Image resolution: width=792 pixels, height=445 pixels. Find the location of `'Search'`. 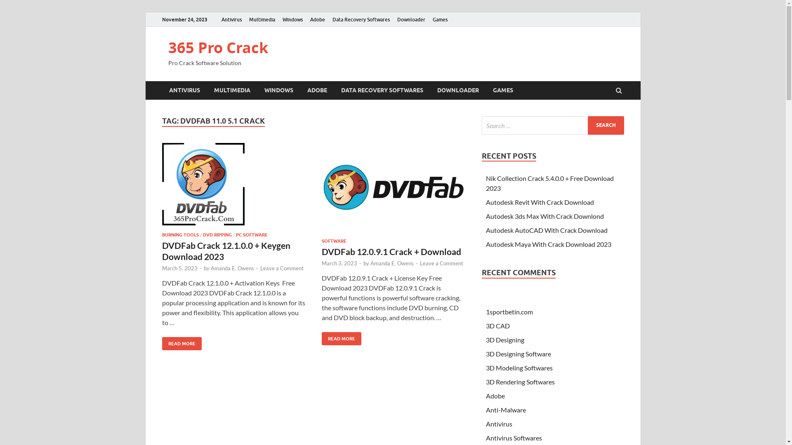

'Search' is located at coordinates (606, 125).